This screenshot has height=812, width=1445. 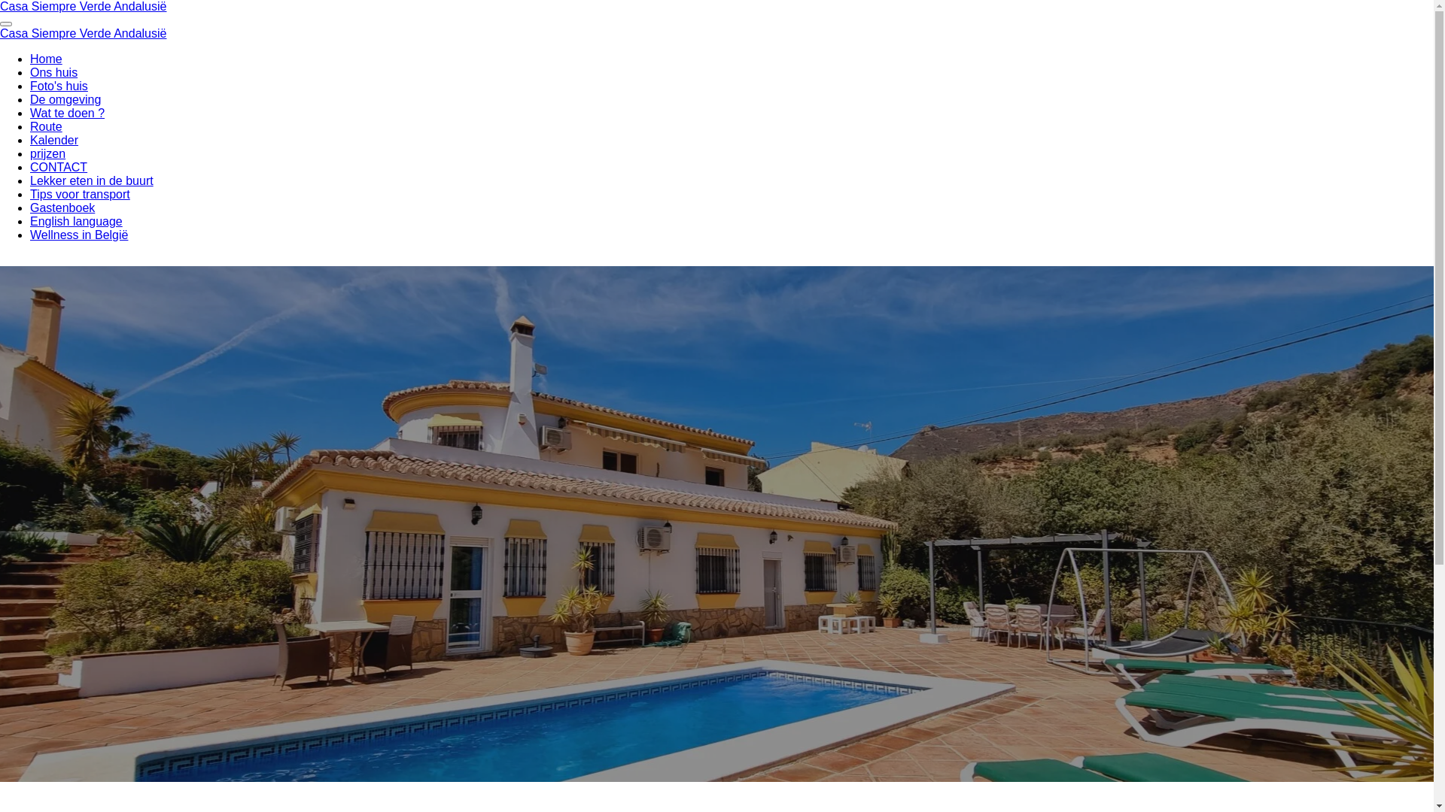 I want to click on 'English language', so click(x=75, y=221).